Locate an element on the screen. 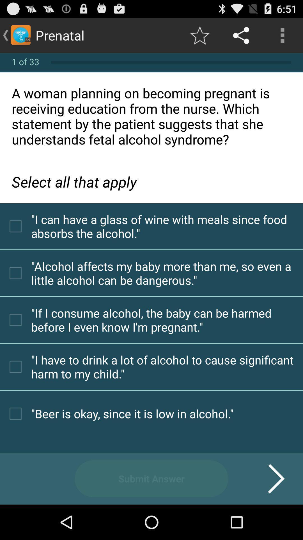  icon below the beer is okay item is located at coordinates (269, 478).